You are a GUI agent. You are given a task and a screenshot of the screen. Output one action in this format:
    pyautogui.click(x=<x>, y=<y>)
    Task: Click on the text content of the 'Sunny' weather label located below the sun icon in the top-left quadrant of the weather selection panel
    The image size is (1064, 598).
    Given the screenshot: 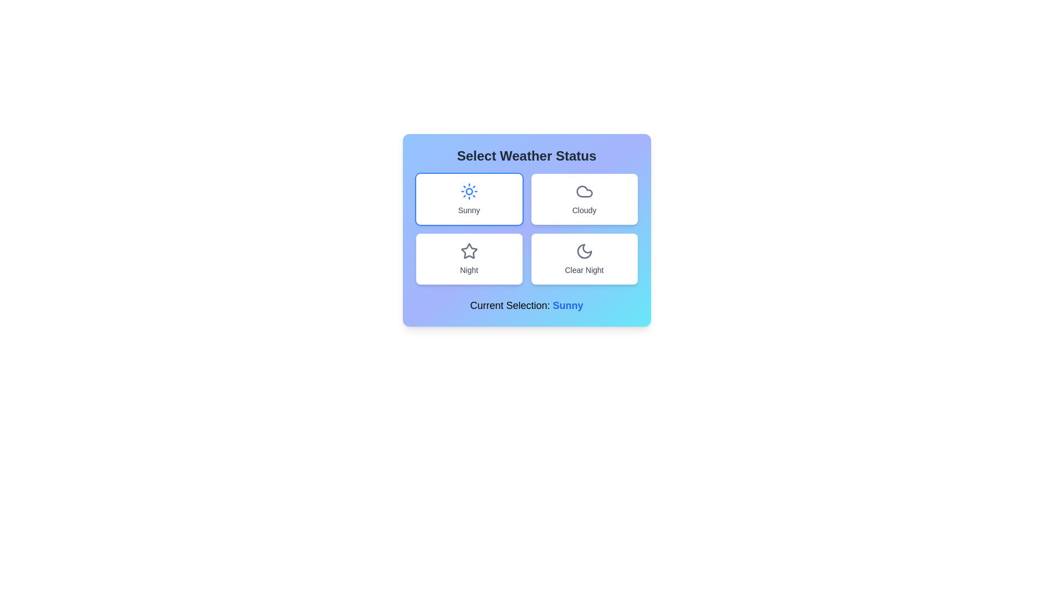 What is the action you would take?
    pyautogui.click(x=469, y=210)
    